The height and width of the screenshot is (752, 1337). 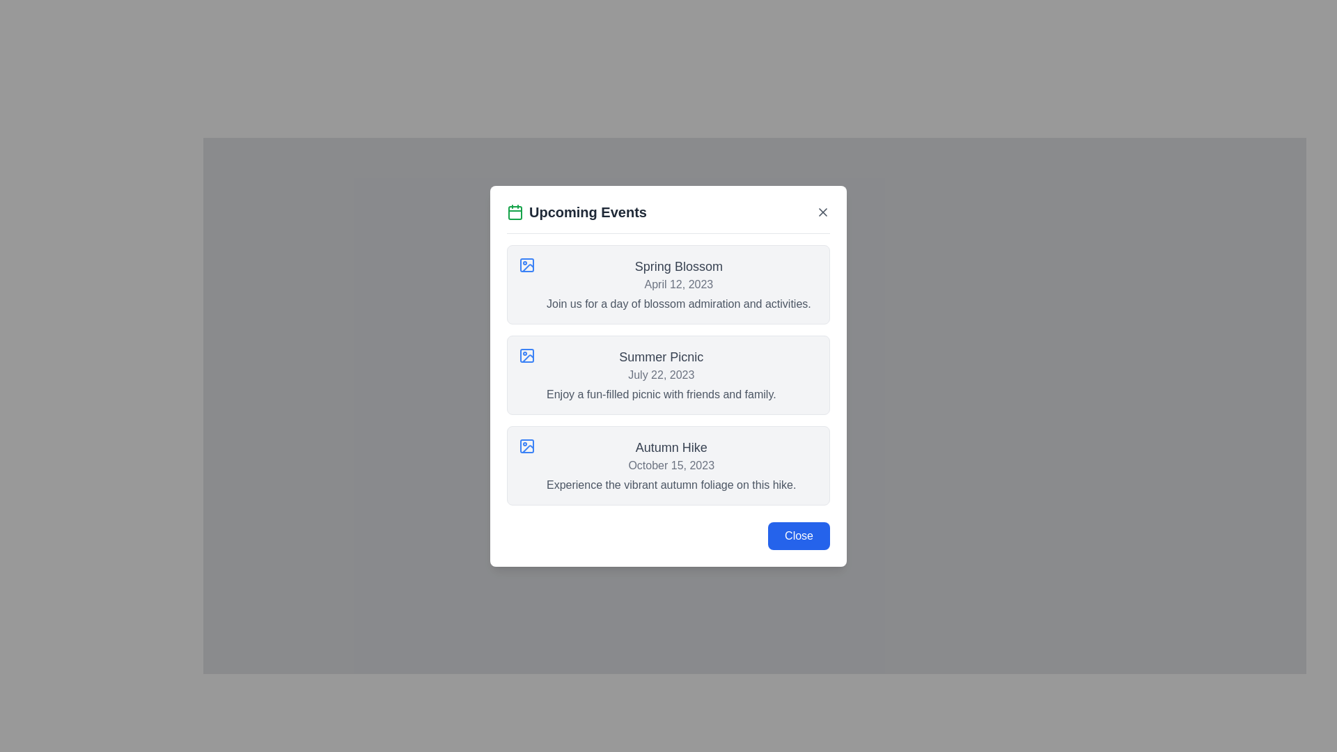 What do you see at coordinates (660, 356) in the screenshot?
I see `the text element displaying the title 'Summer Picnic' in bold gray font, which is located in the second section of a popup labeled 'Upcoming Events'` at bounding box center [660, 356].